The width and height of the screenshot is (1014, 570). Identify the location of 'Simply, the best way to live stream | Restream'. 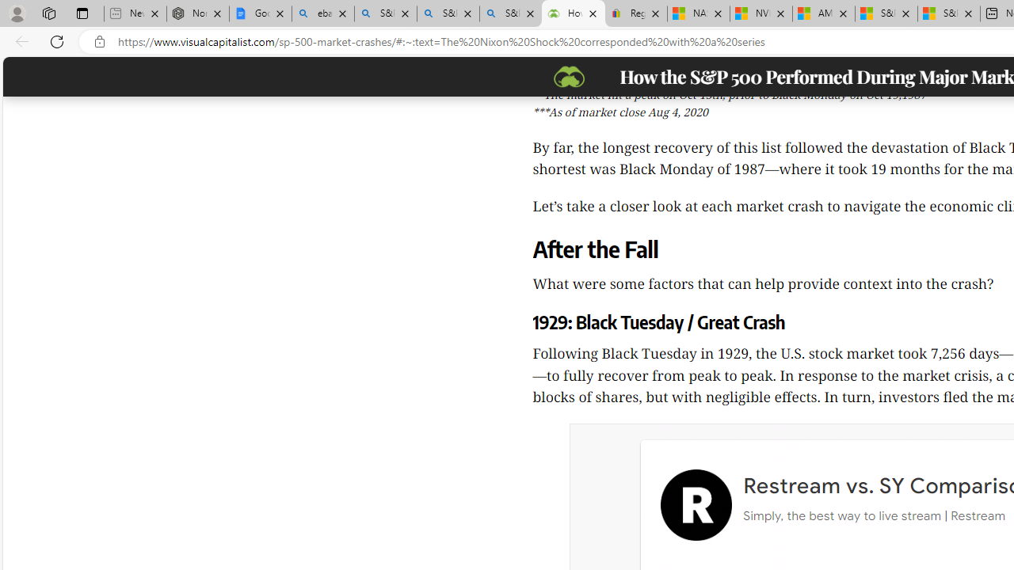
(872, 515).